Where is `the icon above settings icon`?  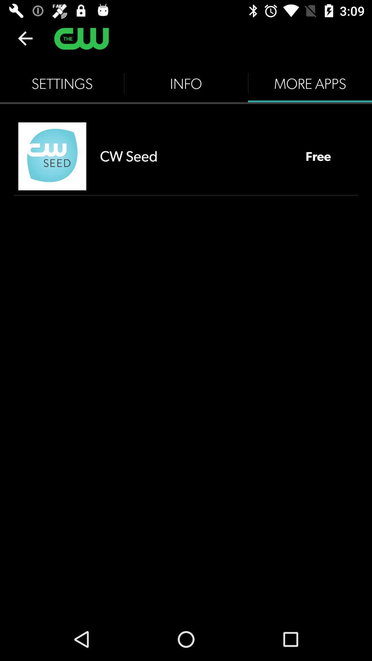
the icon above settings icon is located at coordinates (25, 38).